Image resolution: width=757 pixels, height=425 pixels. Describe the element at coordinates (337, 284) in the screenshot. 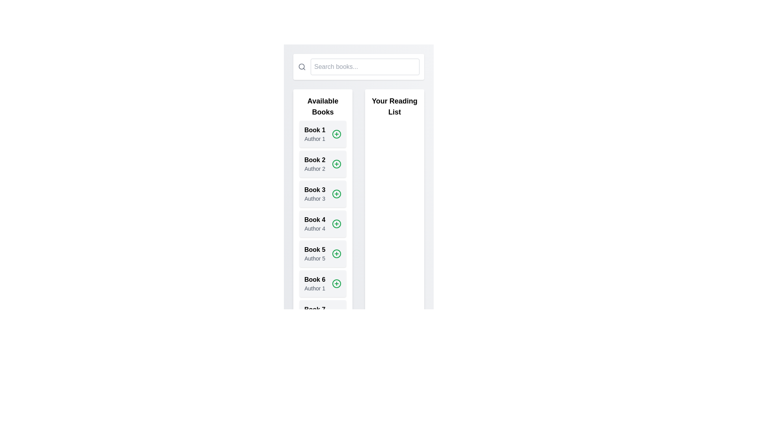

I see `the action button` at that location.